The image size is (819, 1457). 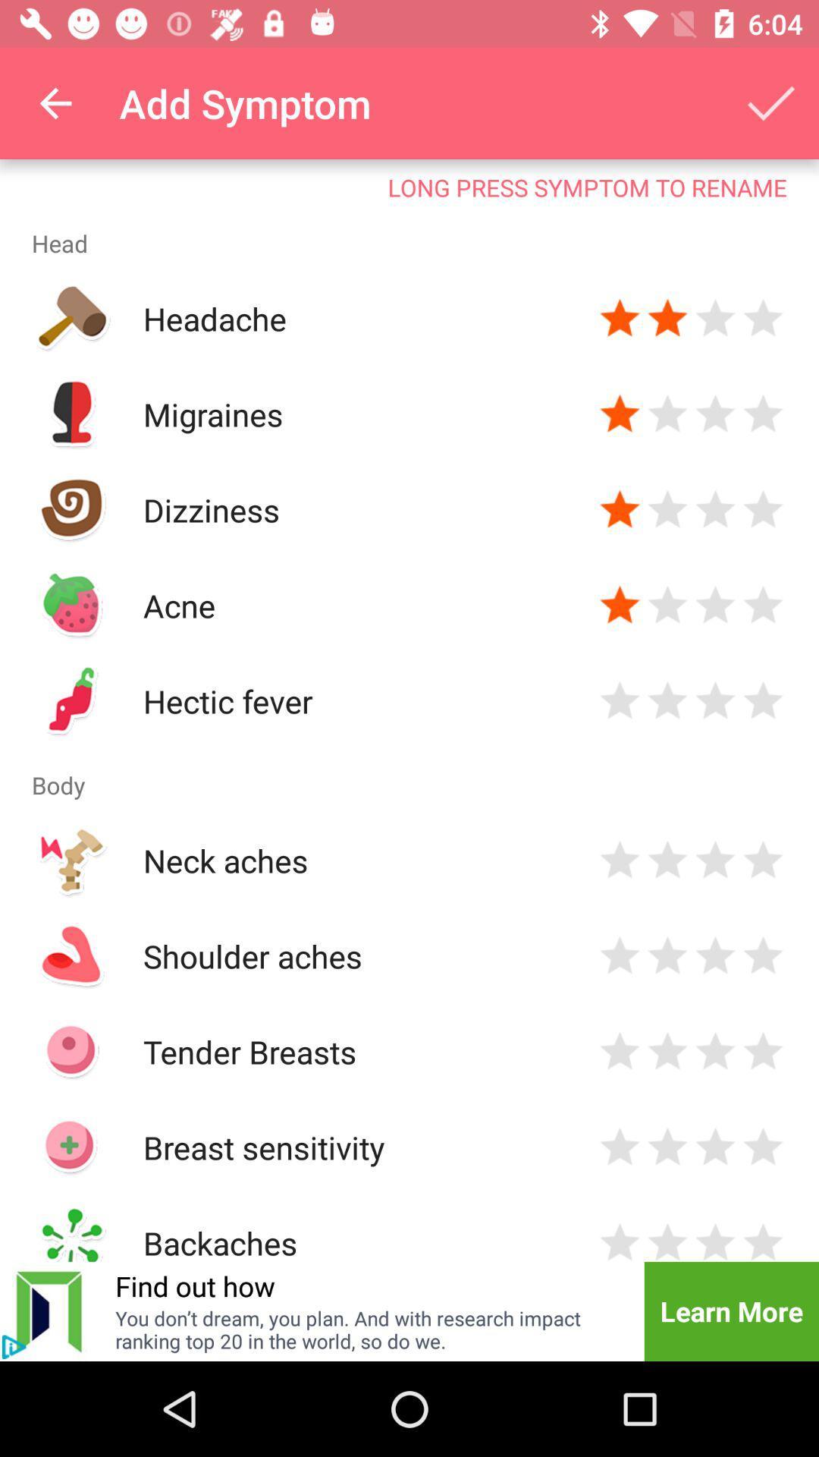 What do you see at coordinates (763, 955) in the screenshot?
I see `rate item 5 stars` at bounding box center [763, 955].